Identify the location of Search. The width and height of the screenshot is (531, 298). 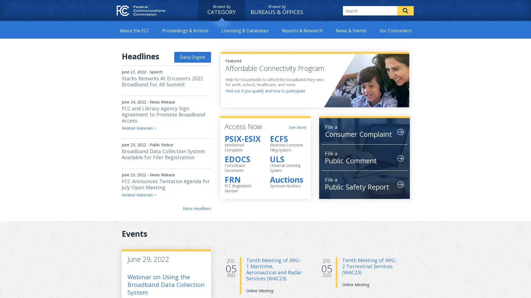
(405, 10).